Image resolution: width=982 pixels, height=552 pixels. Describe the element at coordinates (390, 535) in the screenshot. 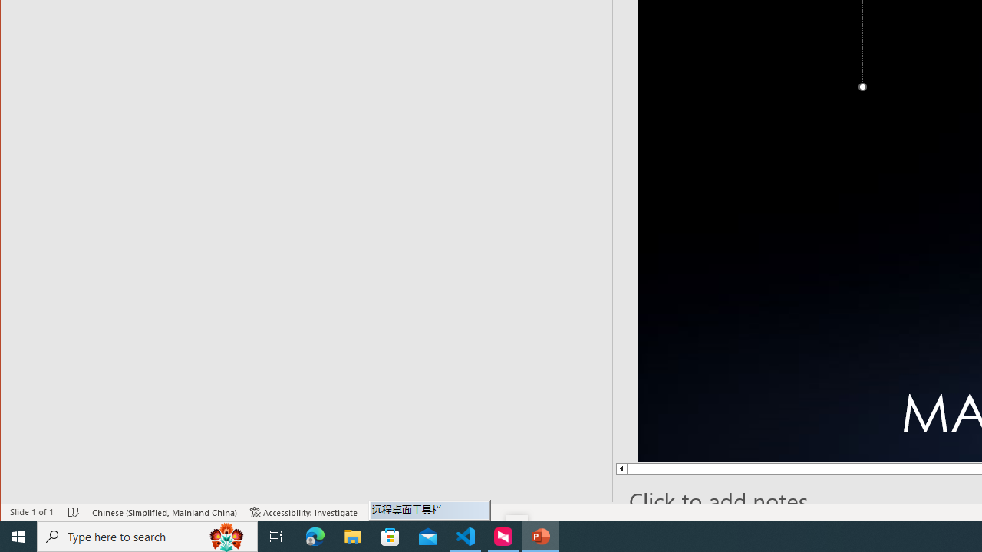

I see `'Microsoft Store'` at that location.